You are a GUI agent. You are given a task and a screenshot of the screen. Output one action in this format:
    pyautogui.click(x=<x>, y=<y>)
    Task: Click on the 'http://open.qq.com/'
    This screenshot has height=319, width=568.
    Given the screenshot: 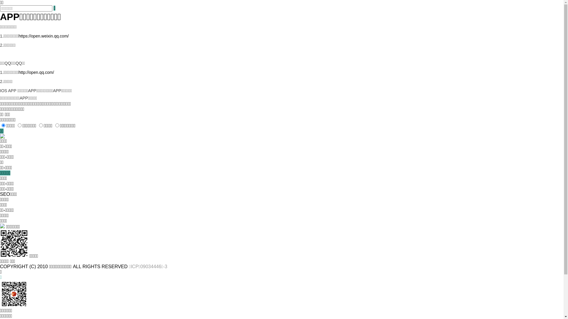 What is the action you would take?
    pyautogui.click(x=36, y=72)
    